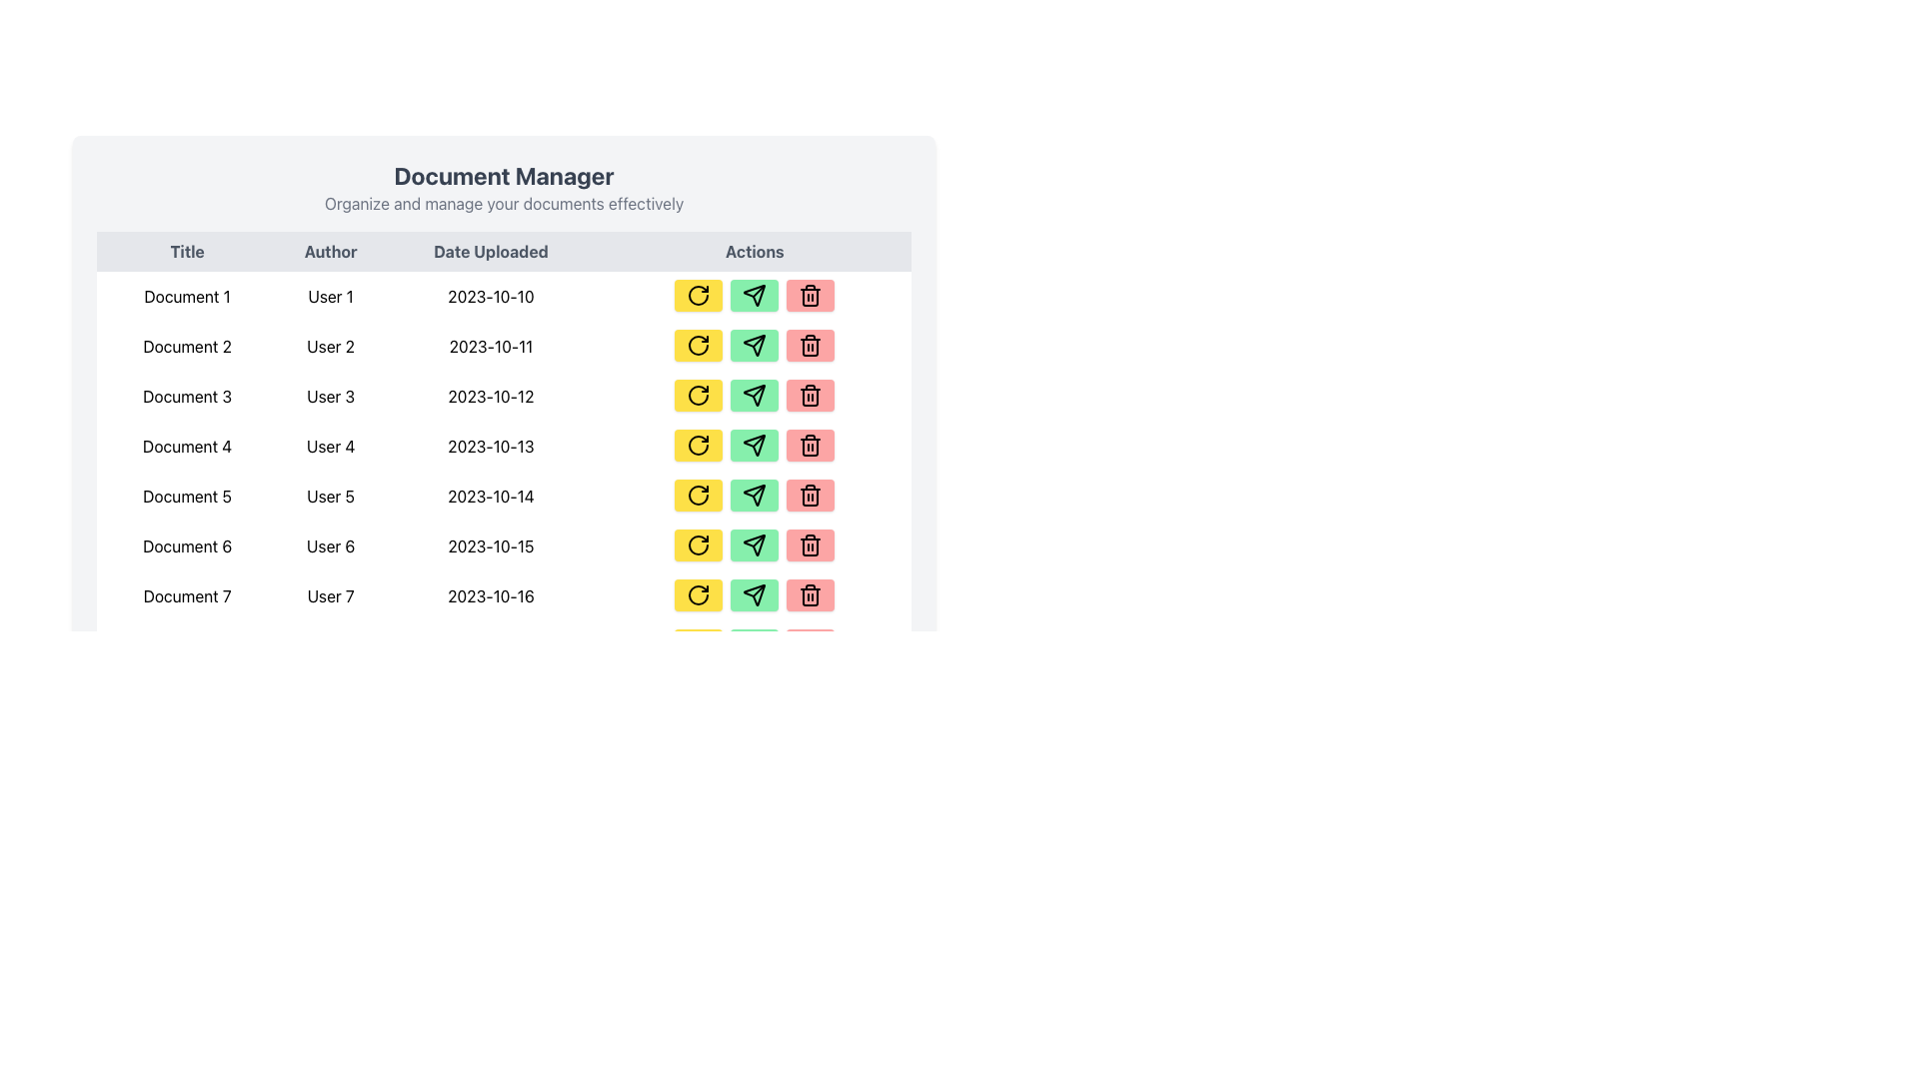  What do you see at coordinates (754, 445) in the screenshot?
I see `the 'Send' icon button in the Actions column for 'Document 4' in the Document Manager table` at bounding box center [754, 445].